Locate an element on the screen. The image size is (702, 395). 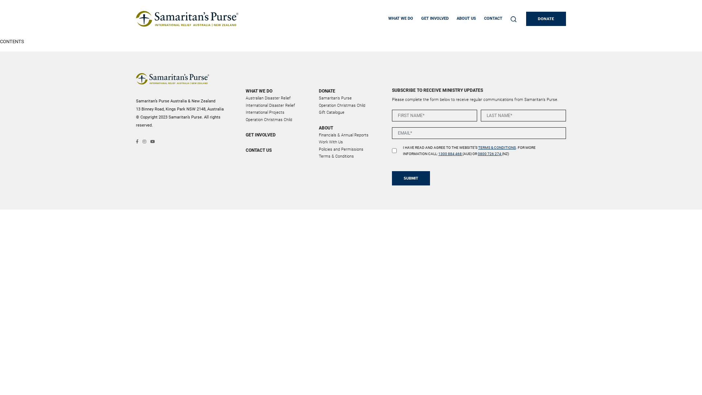
'GET INVOLVED' is located at coordinates (277, 135).